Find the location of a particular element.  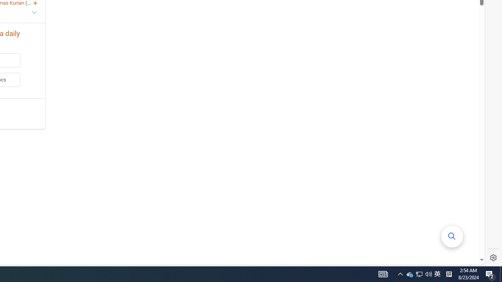

'AutomationID: mfa_root' is located at coordinates (452, 236).